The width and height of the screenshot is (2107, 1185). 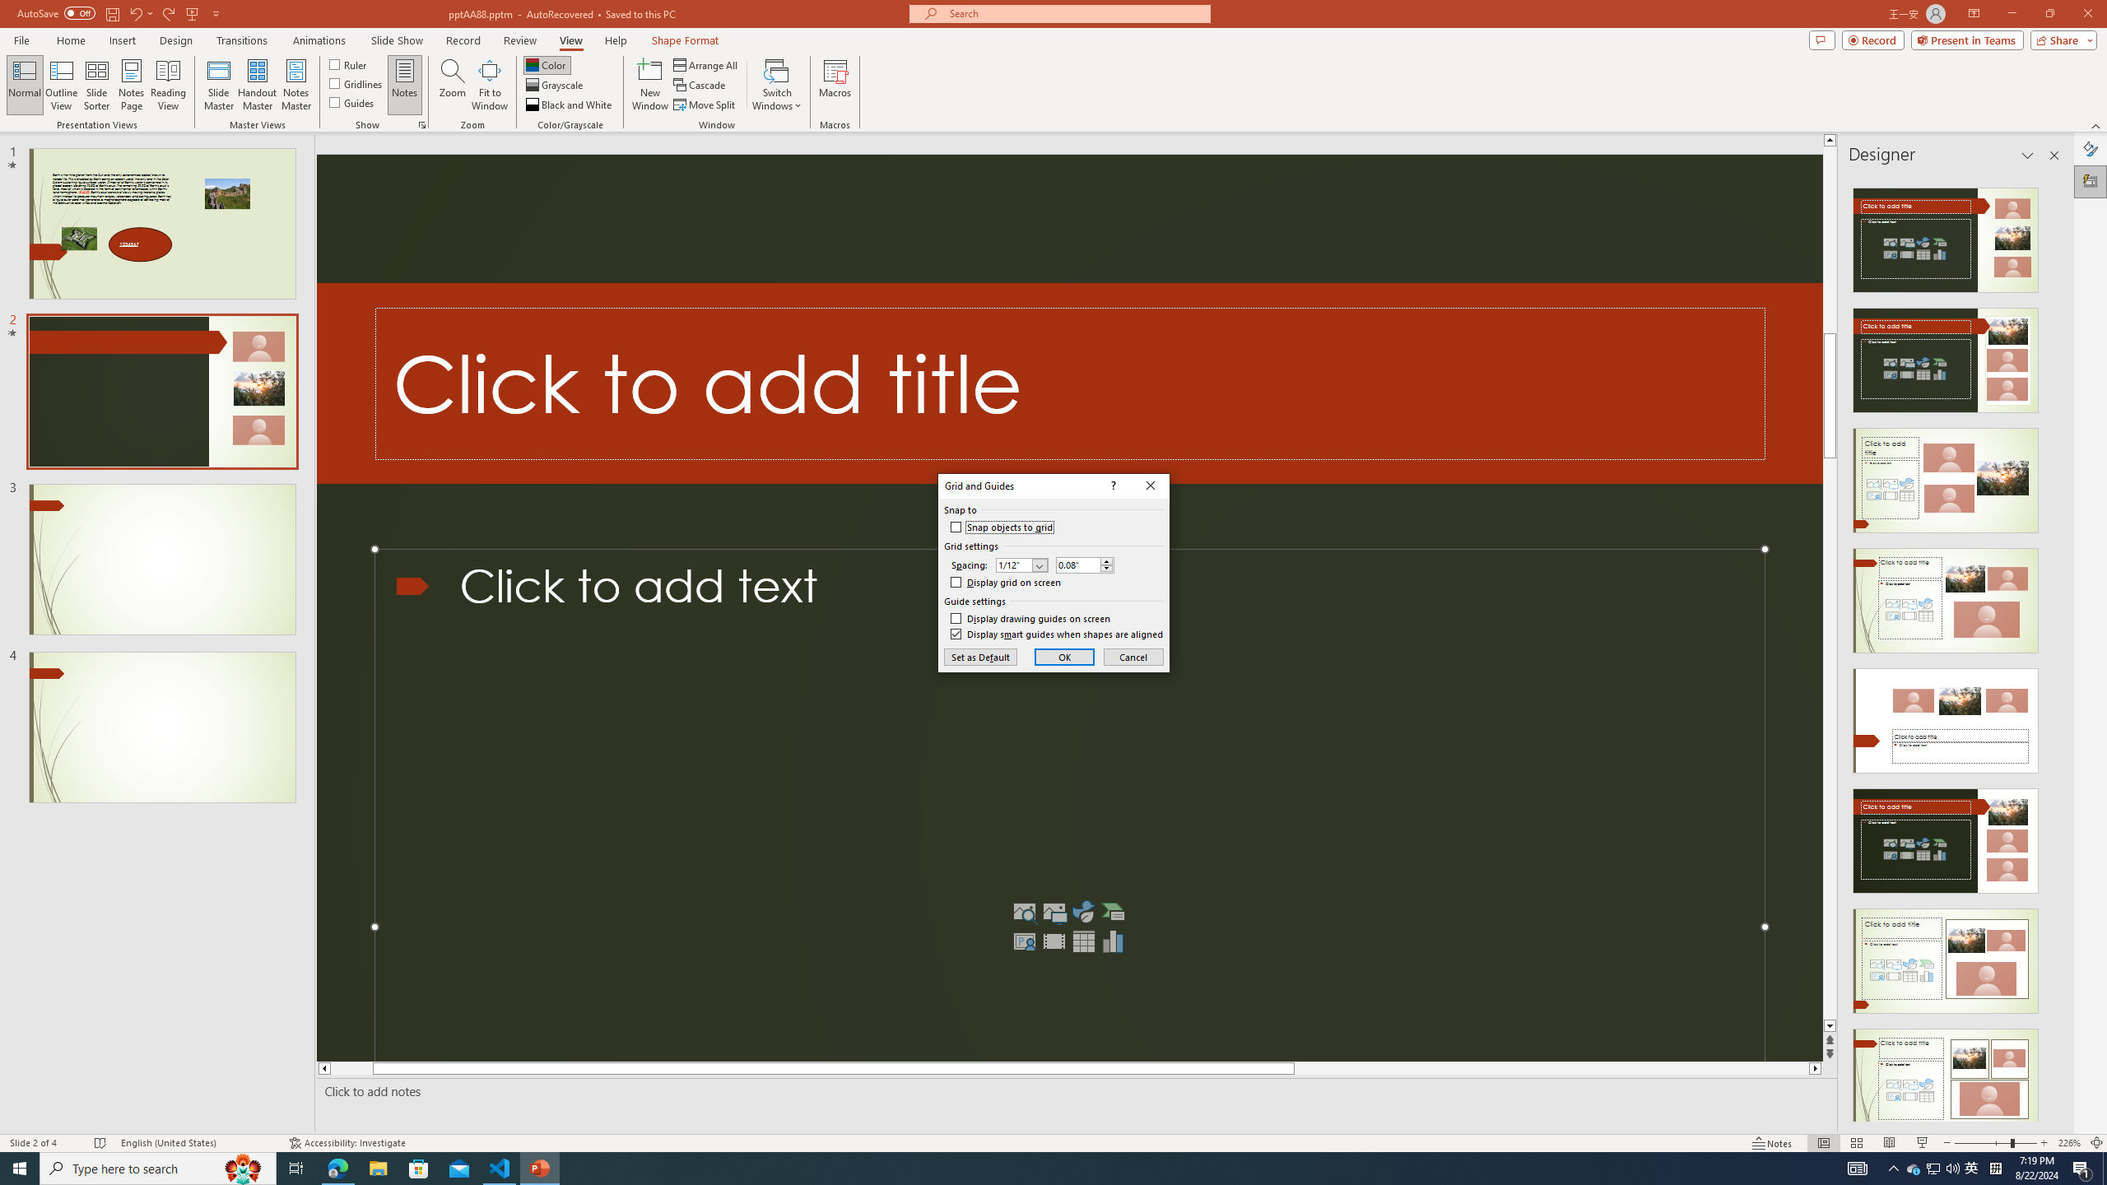 I want to click on 'Class: NetUIScrollBar', so click(x=2053, y=647).